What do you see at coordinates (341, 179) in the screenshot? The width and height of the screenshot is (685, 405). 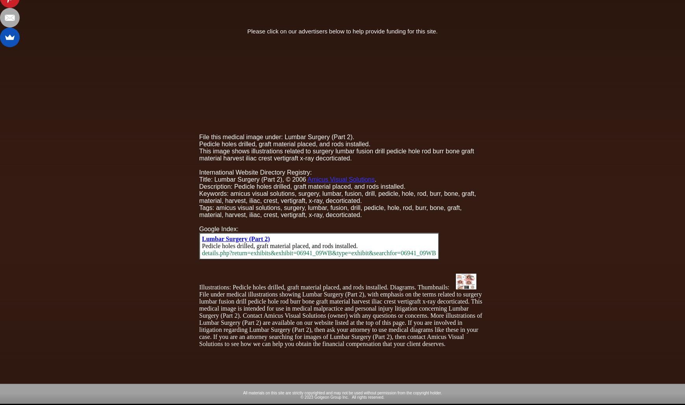 I see `'Amicus Visual Solutions'` at bounding box center [341, 179].